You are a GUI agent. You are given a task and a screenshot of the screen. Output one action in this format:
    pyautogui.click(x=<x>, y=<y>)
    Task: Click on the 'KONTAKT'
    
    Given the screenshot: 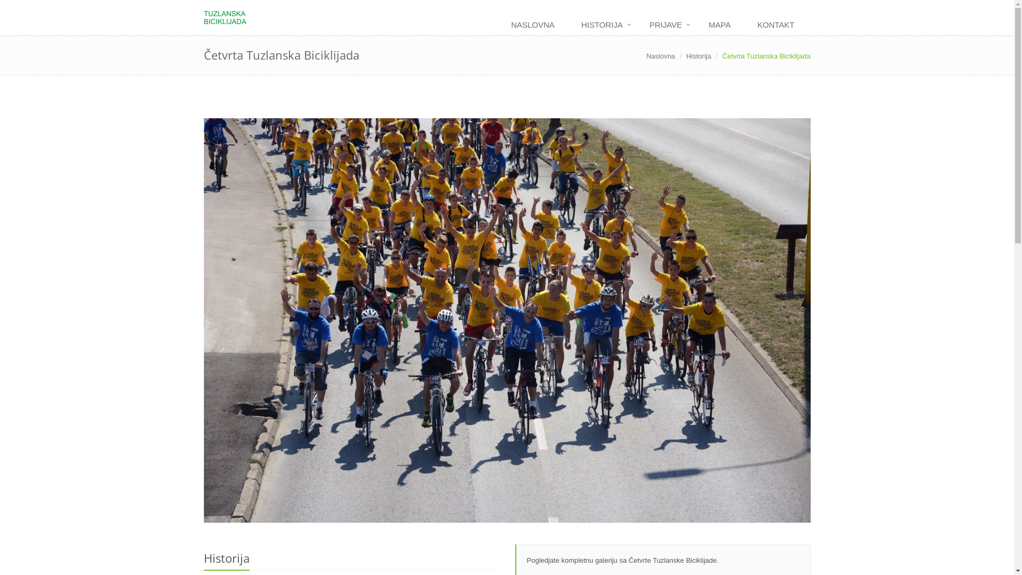 What is the action you would take?
    pyautogui.click(x=779, y=24)
    